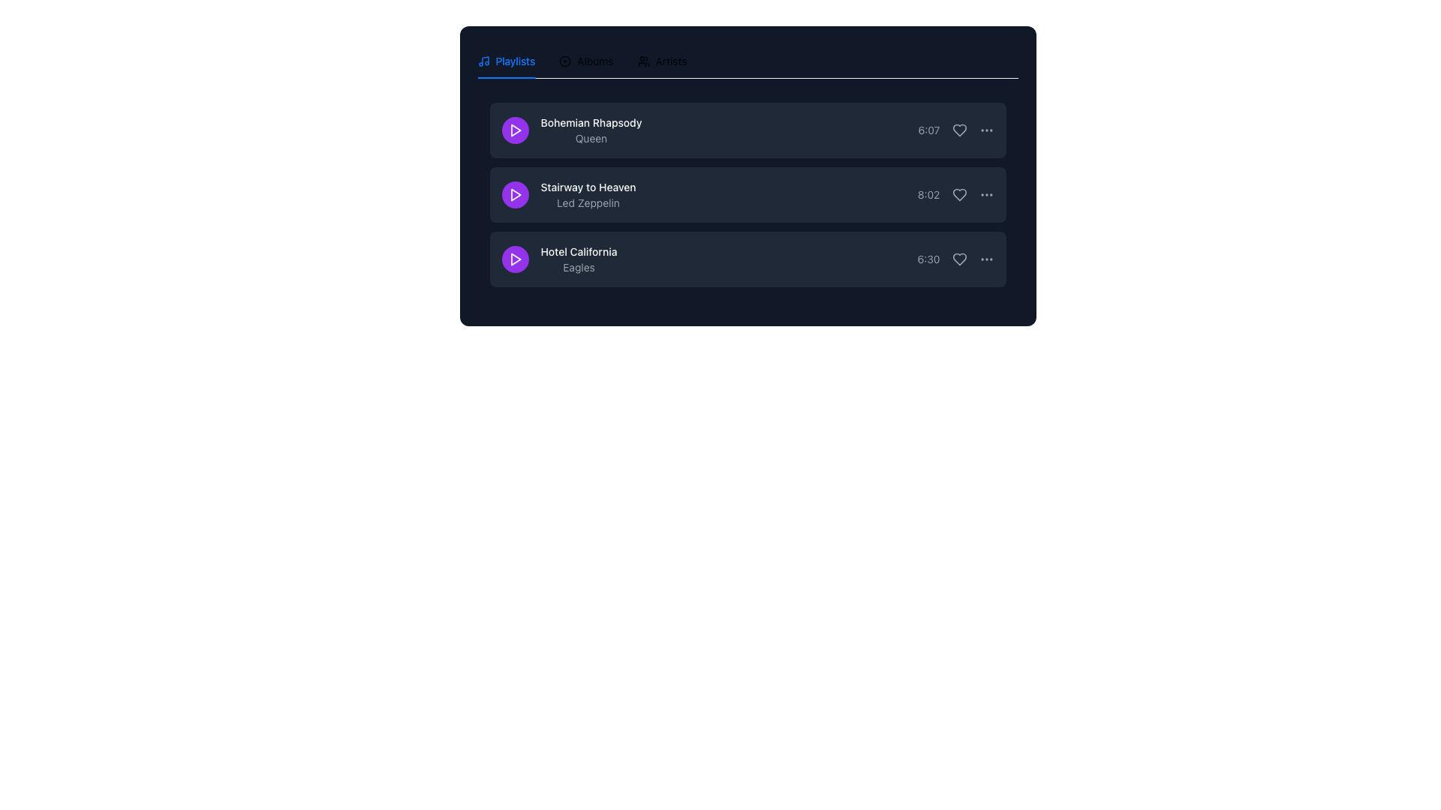 The image size is (1441, 810). Describe the element at coordinates (568, 193) in the screenshot. I see `the text display showing 'Stairway to Heaven' and 'Led Zeppelin' to possibly see more details` at that location.